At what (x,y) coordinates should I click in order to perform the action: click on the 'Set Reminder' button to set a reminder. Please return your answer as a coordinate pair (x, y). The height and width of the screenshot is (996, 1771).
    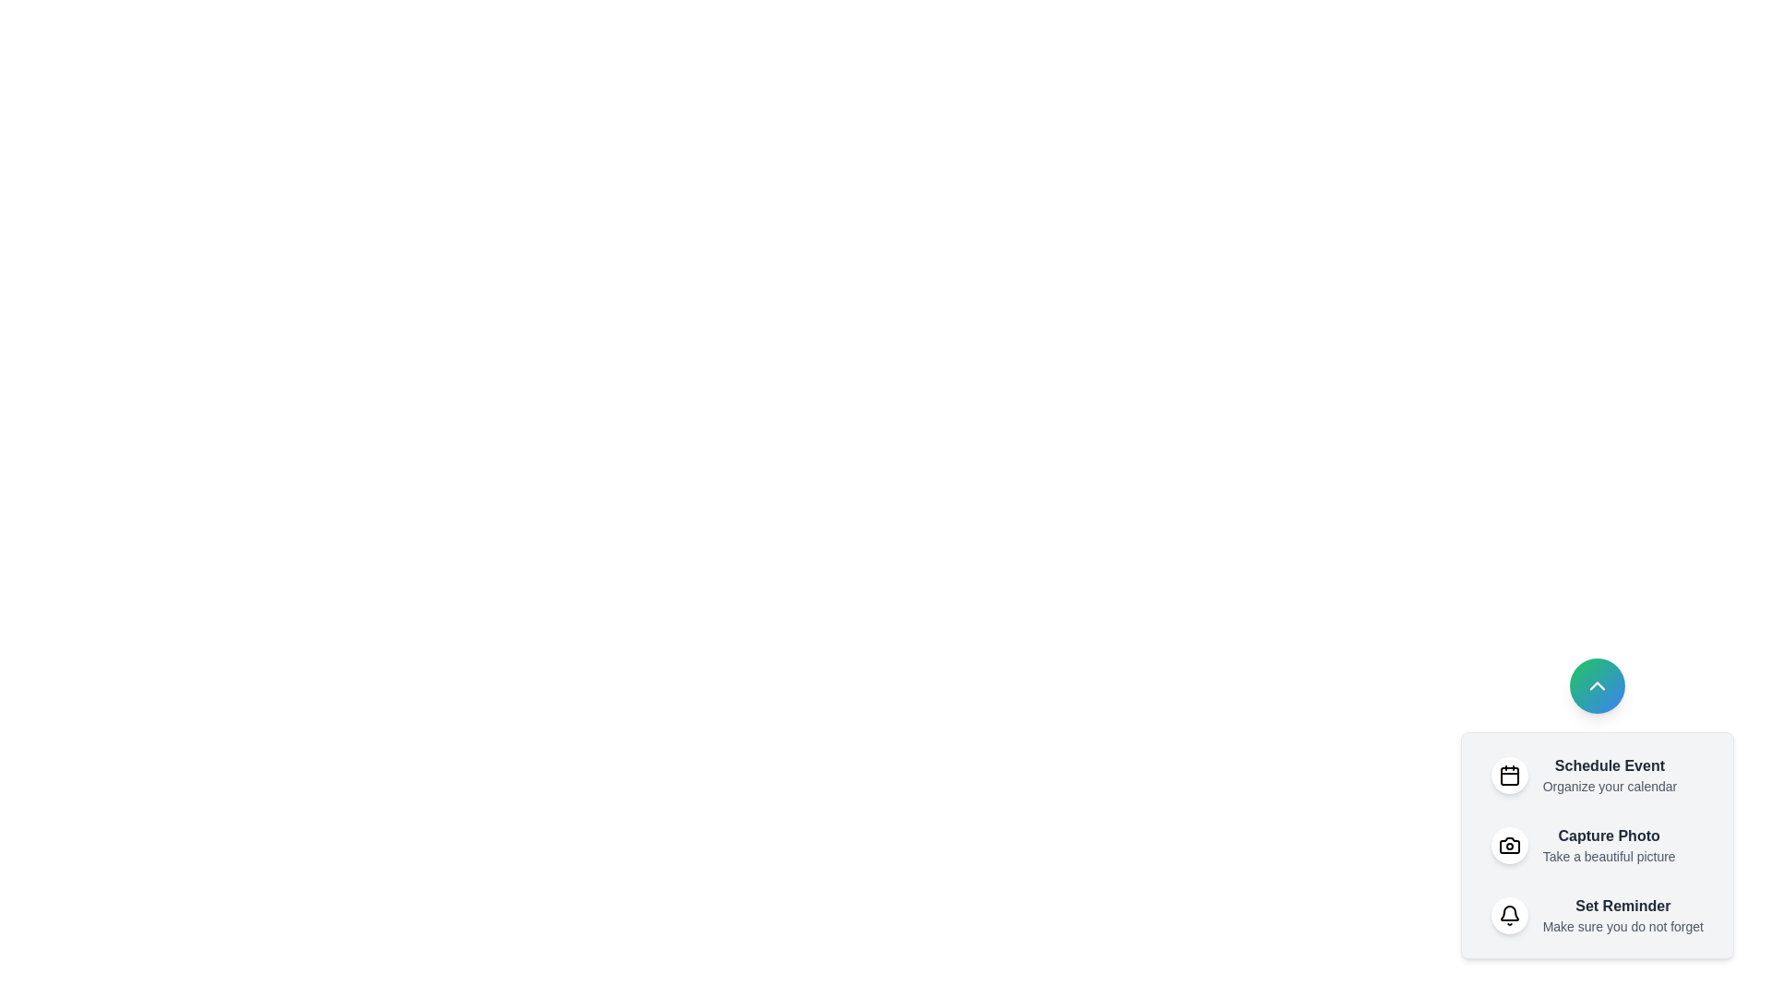
    Looking at the image, I should click on (1596, 915).